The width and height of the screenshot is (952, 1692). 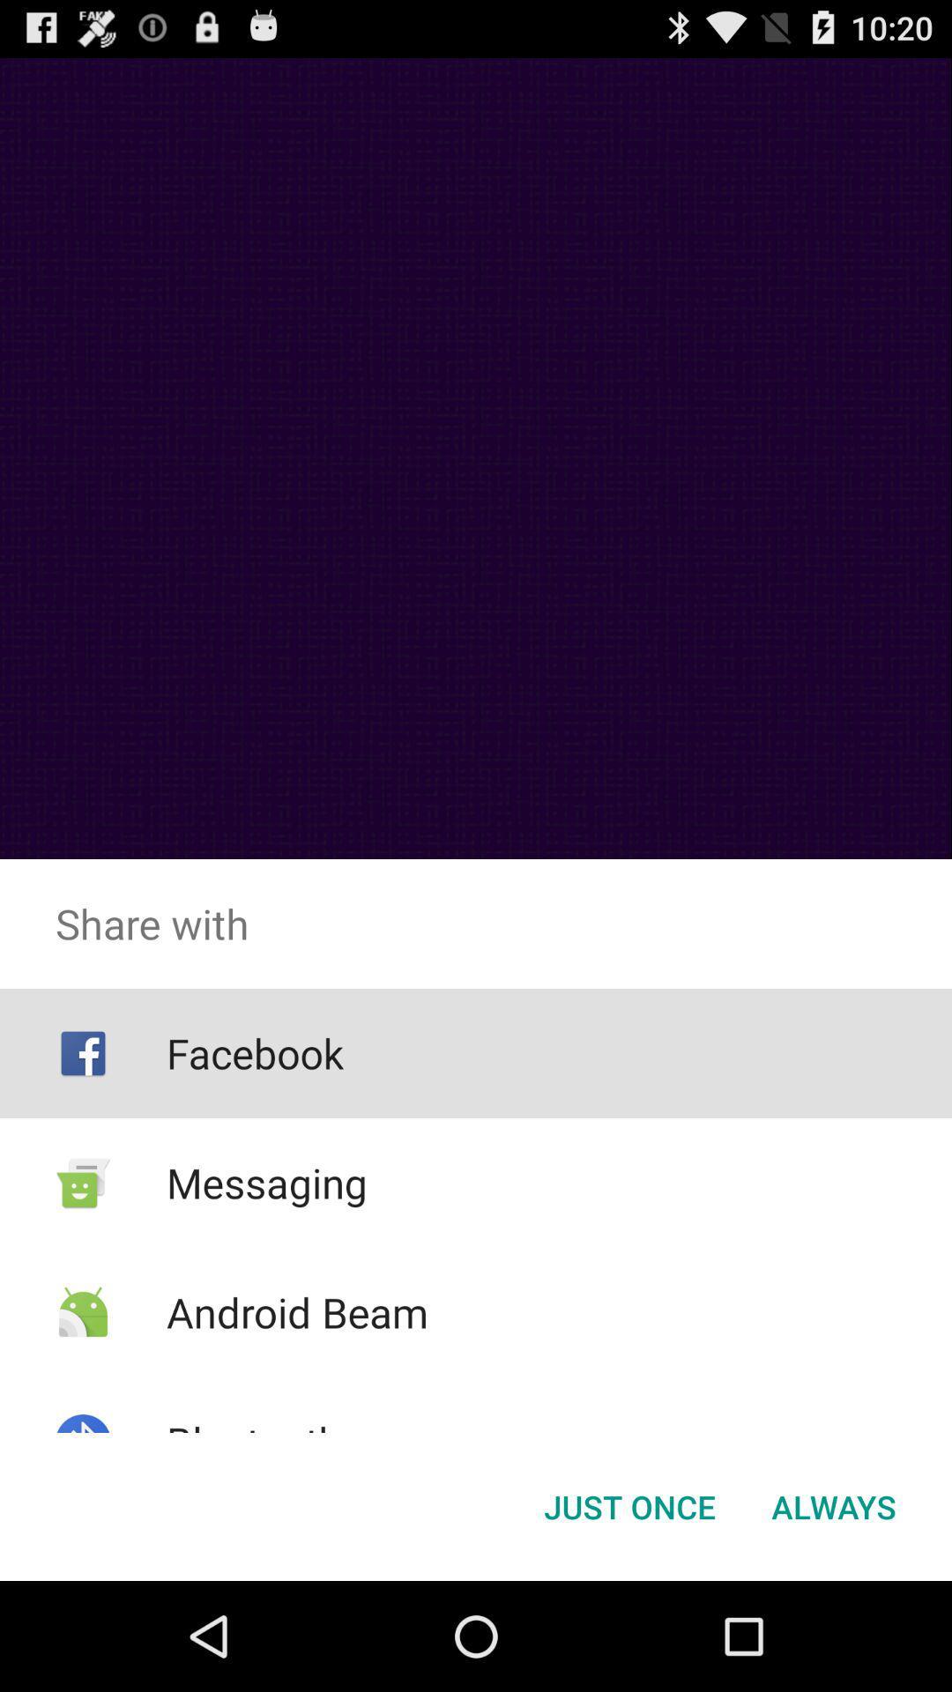 What do you see at coordinates (255, 1053) in the screenshot?
I see `the facebook app` at bounding box center [255, 1053].